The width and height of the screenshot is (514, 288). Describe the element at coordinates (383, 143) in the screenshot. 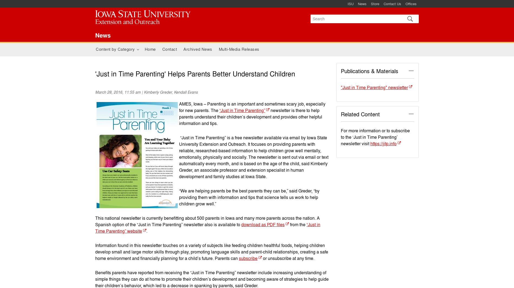

I see `'https://jitp.info'` at that location.